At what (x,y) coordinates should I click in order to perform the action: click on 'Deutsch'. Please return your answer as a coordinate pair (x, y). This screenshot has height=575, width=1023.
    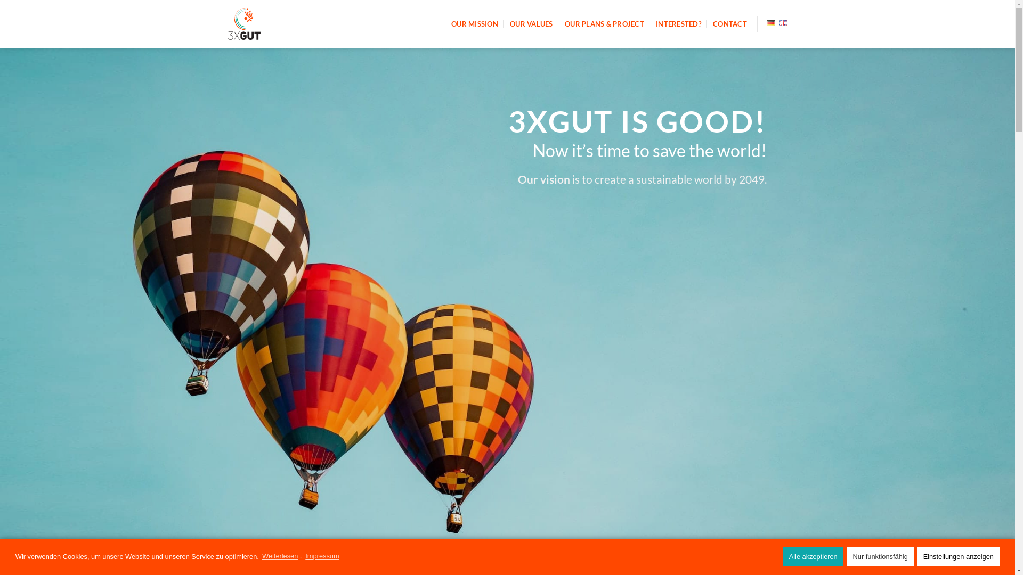
    Looking at the image, I should click on (770, 23).